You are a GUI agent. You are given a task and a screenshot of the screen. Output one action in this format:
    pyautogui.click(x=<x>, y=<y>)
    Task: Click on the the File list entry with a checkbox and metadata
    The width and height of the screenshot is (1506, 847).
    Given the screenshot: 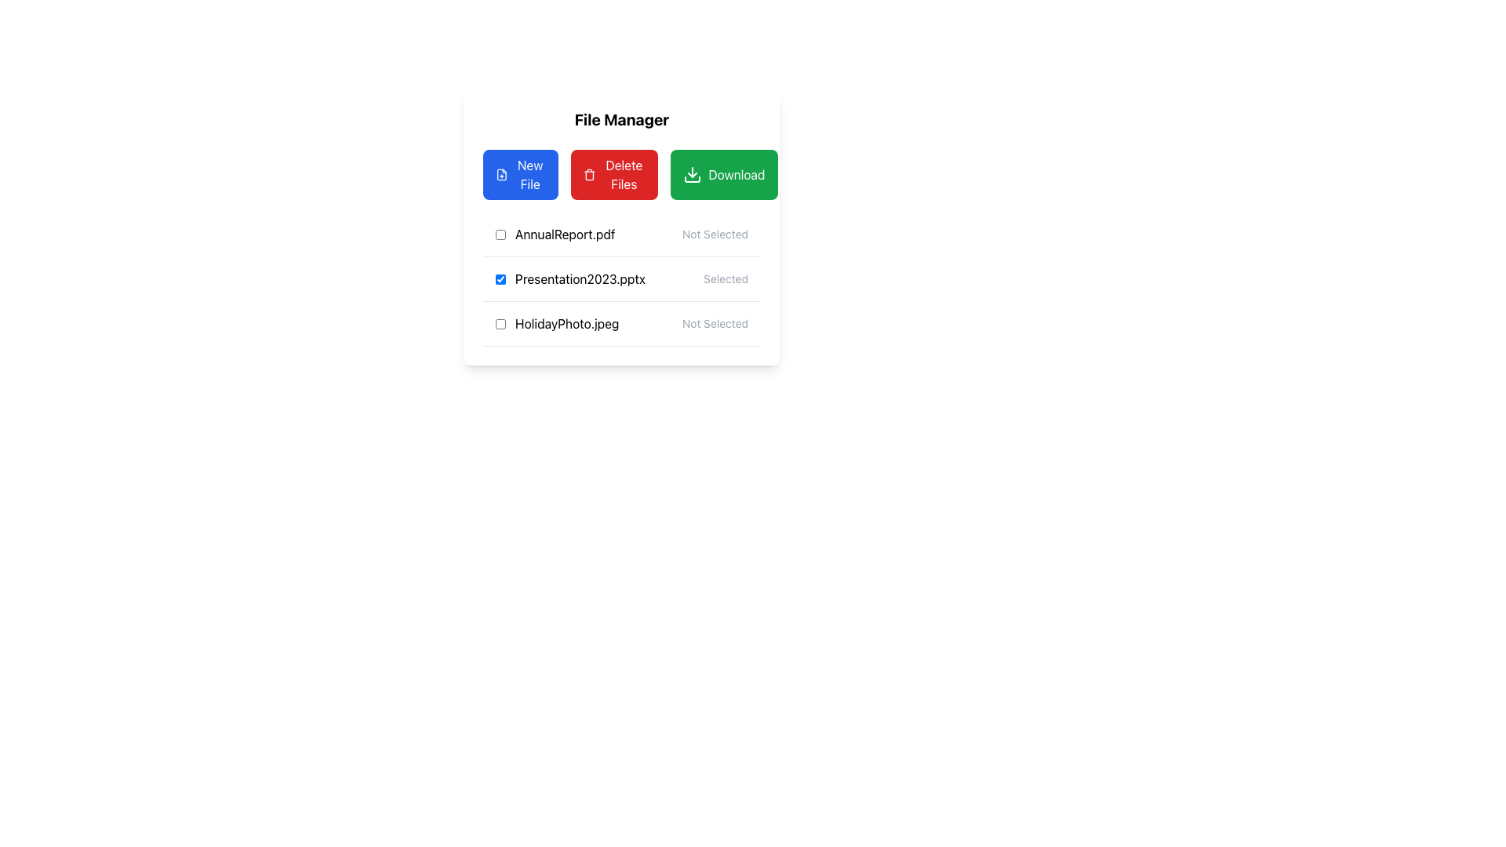 What is the action you would take?
    pyautogui.click(x=620, y=278)
    